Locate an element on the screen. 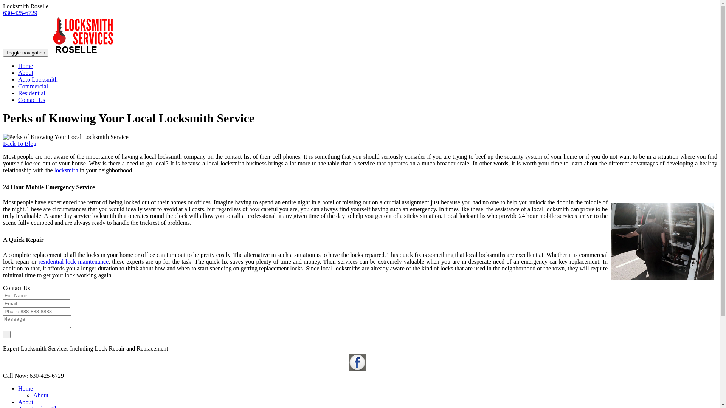 Image resolution: width=726 pixels, height=408 pixels. 'Toggle navigation' is located at coordinates (3, 52).